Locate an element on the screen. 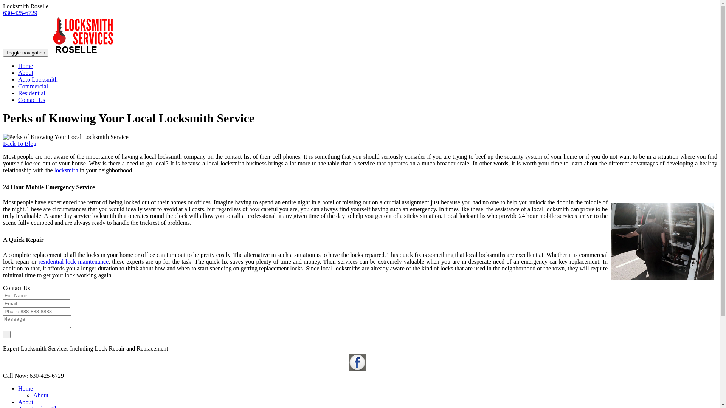 Image resolution: width=726 pixels, height=408 pixels. 'Toggle navigation' is located at coordinates (3, 52).